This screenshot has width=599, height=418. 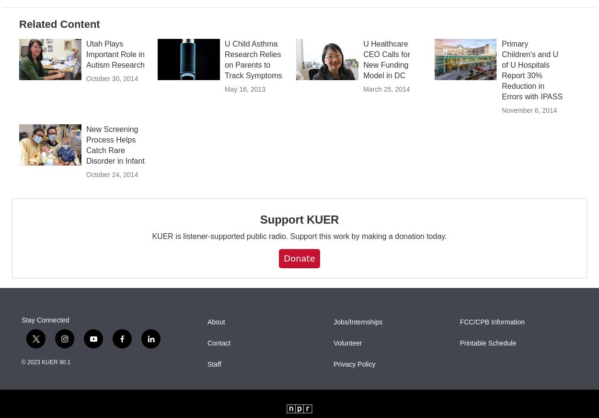 I want to click on 'Support KUER', so click(x=299, y=240).